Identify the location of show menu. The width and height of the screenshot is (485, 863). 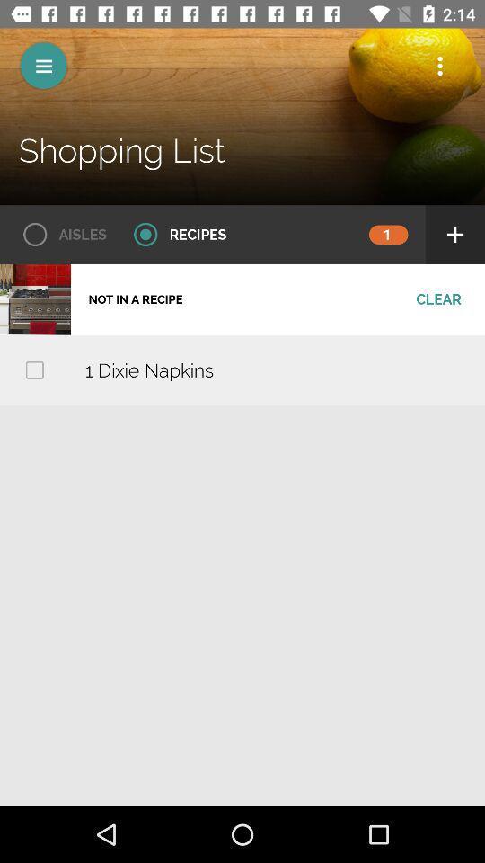
(43, 66).